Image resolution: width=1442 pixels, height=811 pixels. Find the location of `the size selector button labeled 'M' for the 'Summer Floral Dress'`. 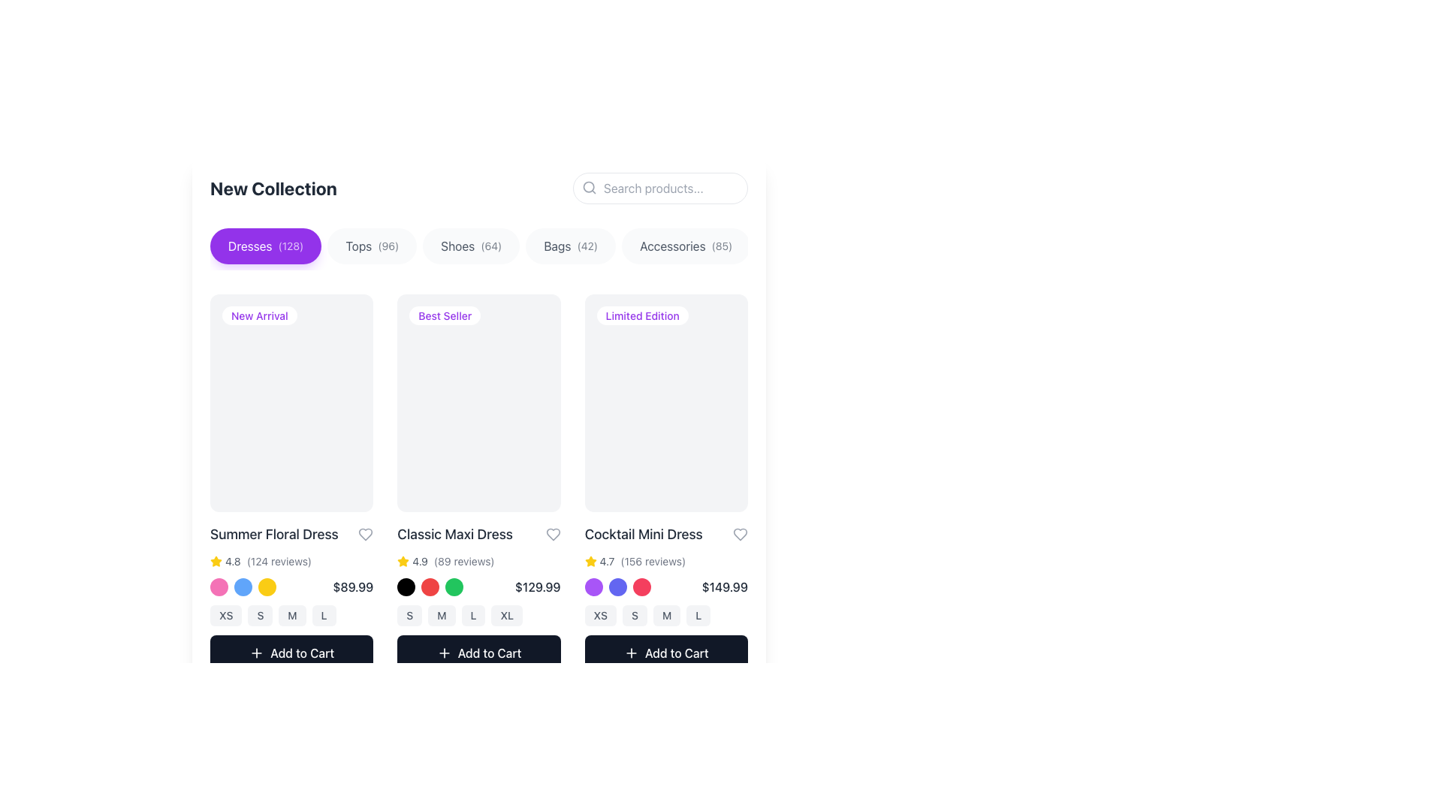

the size selector button labeled 'M' for the 'Summer Floral Dress' is located at coordinates (291, 615).